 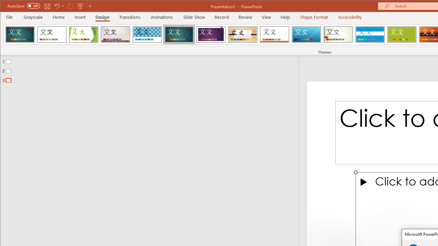 What do you see at coordinates (179, 34) in the screenshot?
I see `'Ion'` at bounding box center [179, 34].